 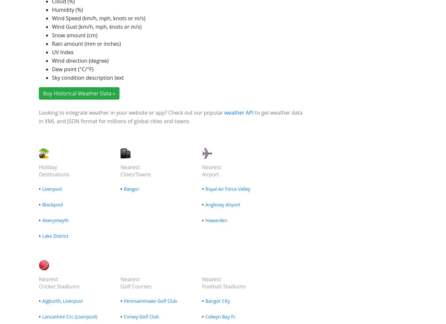 What do you see at coordinates (170, 117) in the screenshot?
I see `'to get weather data in XML and JSON format for millions of global cities and towns.'` at bounding box center [170, 117].